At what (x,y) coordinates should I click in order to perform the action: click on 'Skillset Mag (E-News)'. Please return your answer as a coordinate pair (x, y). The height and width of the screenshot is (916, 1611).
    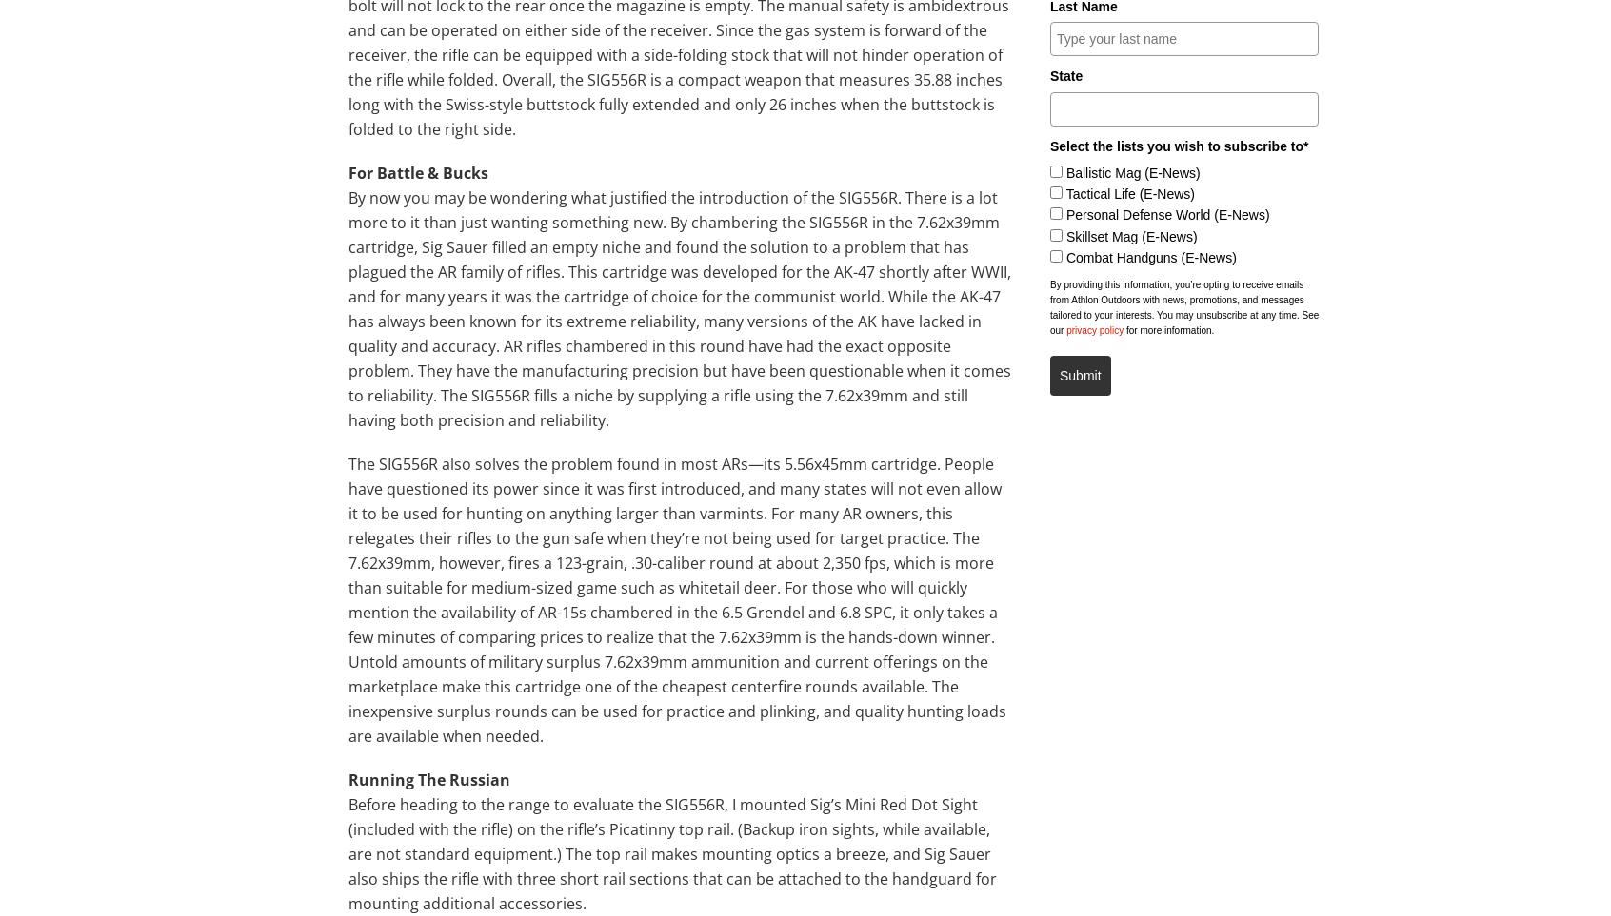
    Looking at the image, I should click on (1129, 235).